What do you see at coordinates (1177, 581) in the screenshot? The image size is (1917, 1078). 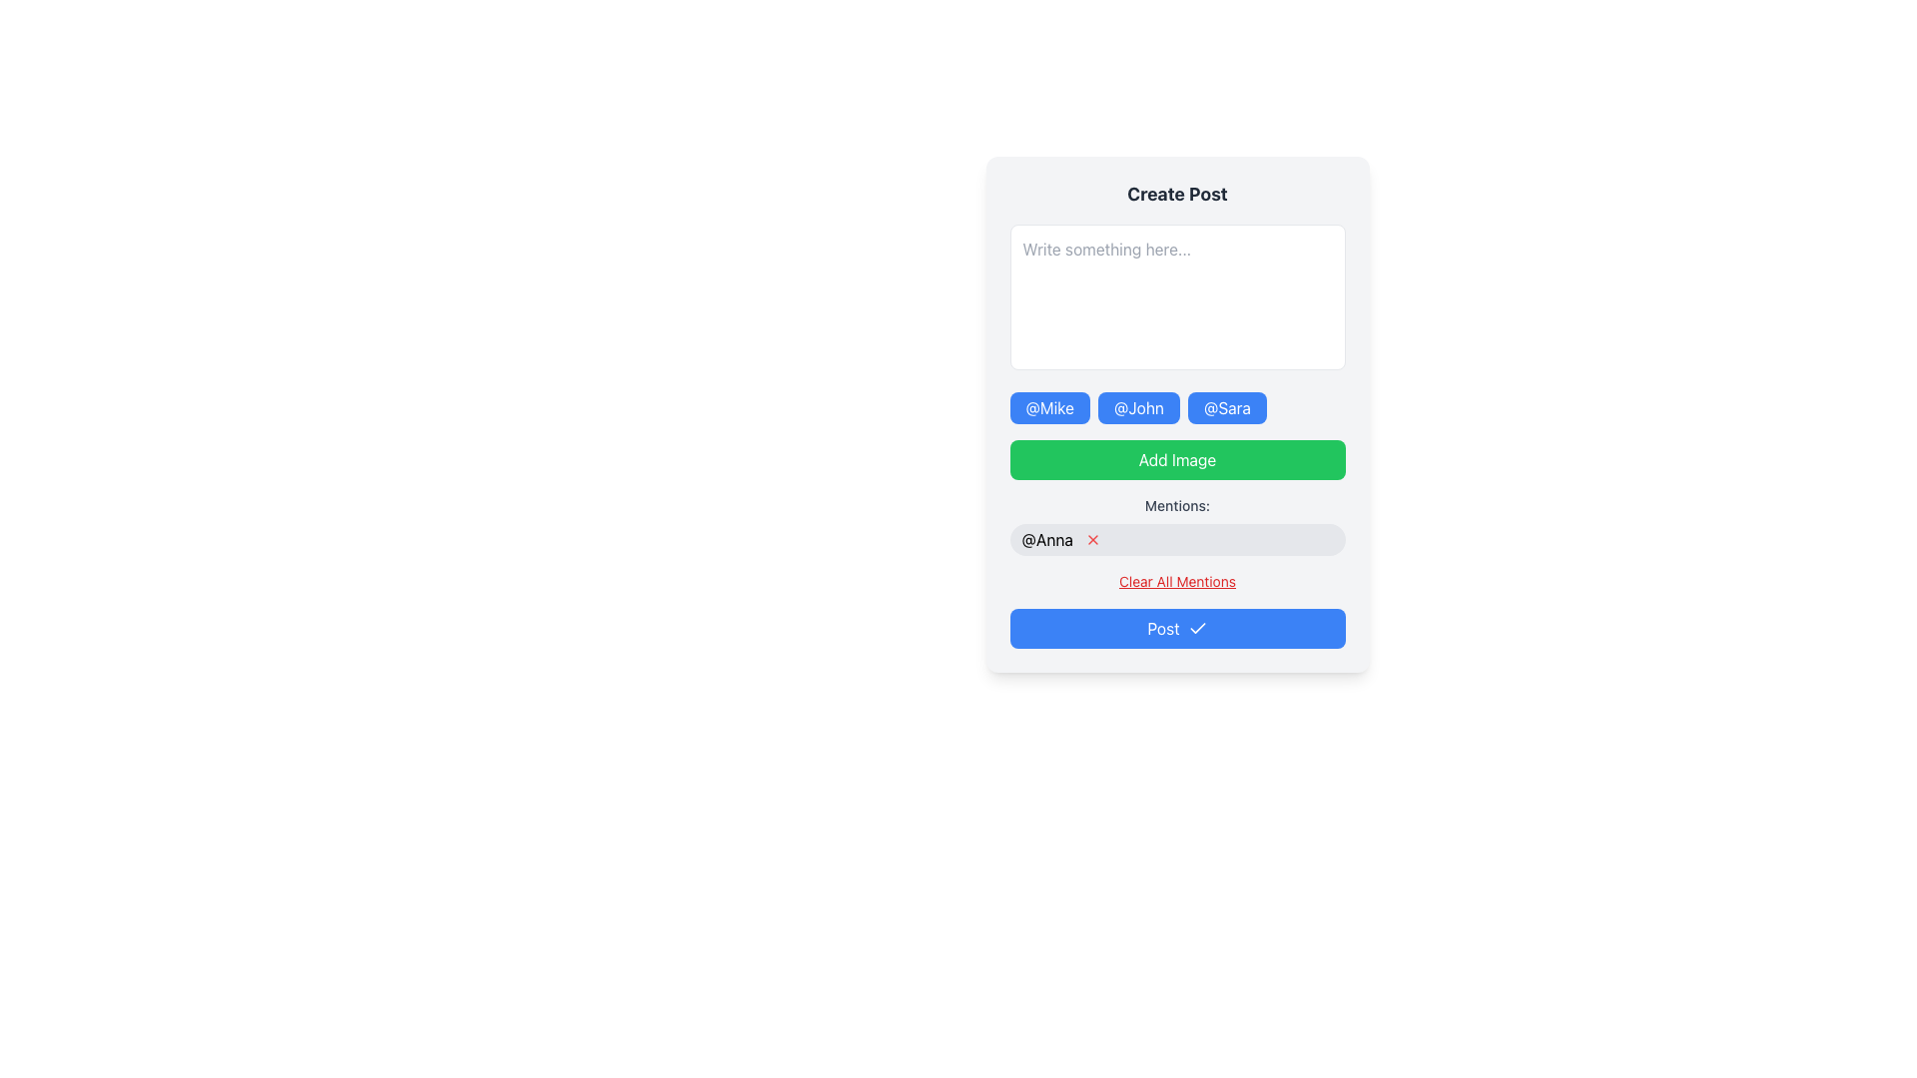 I see `the 'Clear All Mentions' text link, which is styled in red, underlined, and located below the '@Anna' mention` at bounding box center [1177, 581].